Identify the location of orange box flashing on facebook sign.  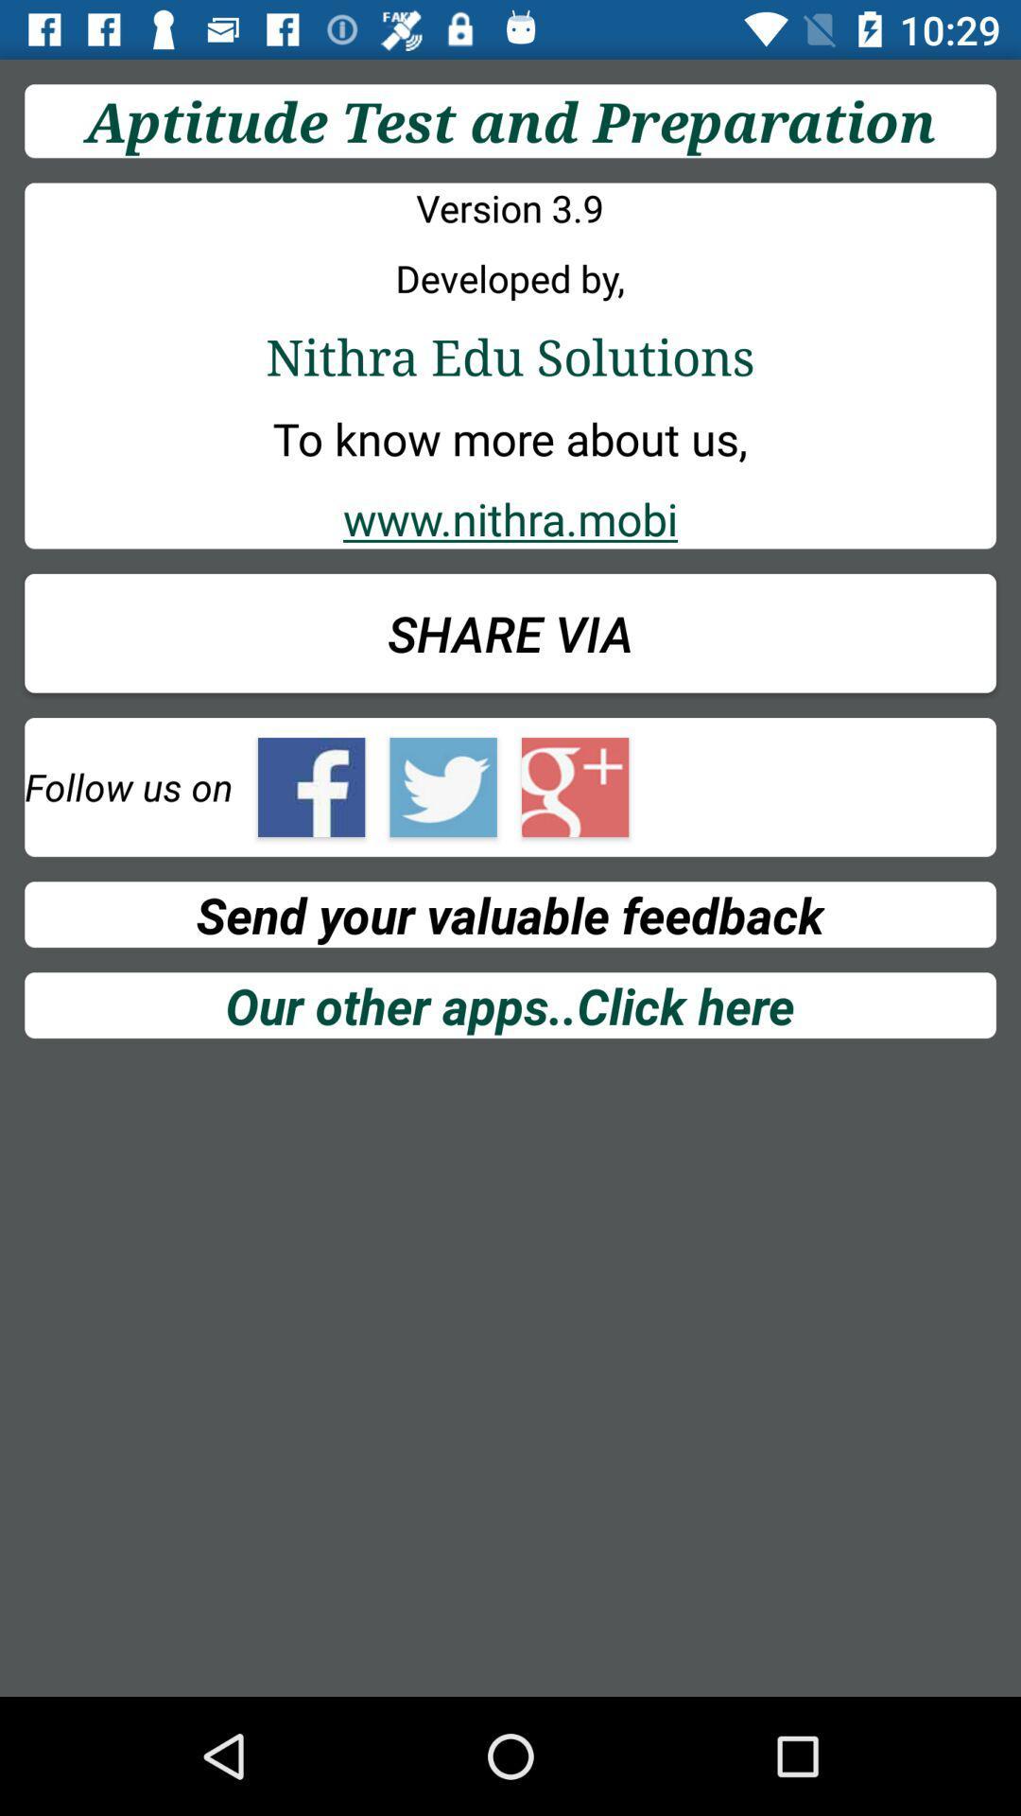
(310, 787).